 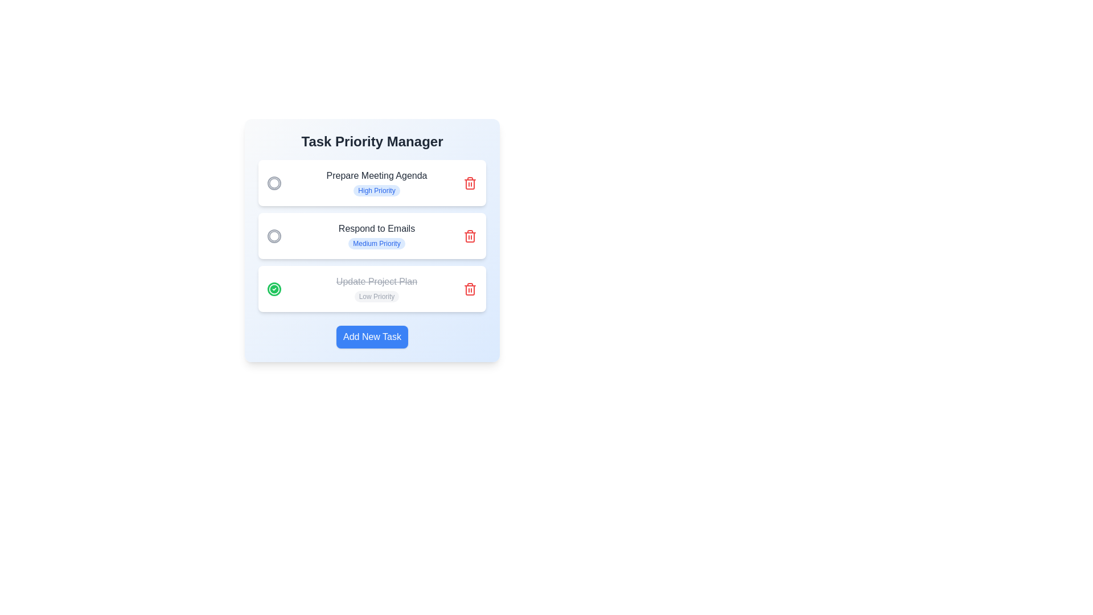 I want to click on the circular indicator icon with a grey border located to the left of the task title 'Respond to Emails' in the second list item of the task list, so click(x=274, y=235).